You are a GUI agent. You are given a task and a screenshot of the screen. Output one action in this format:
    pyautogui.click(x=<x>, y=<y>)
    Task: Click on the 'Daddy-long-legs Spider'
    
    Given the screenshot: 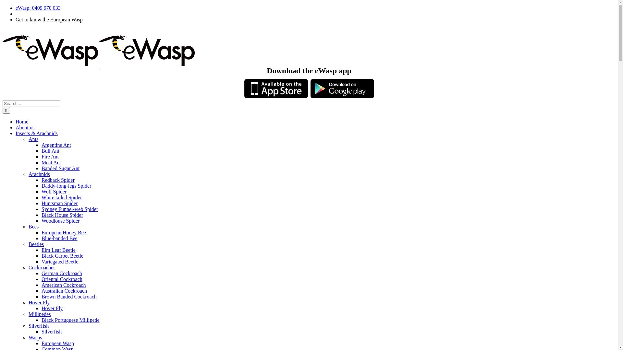 What is the action you would take?
    pyautogui.click(x=66, y=186)
    